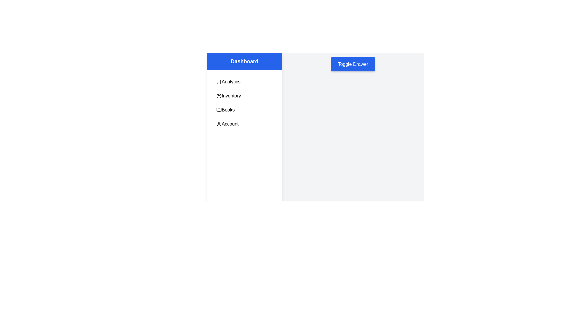  What do you see at coordinates (245, 124) in the screenshot?
I see `the menu item Account to observe the hover effect` at bounding box center [245, 124].